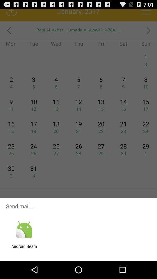  Describe the element at coordinates (24, 248) in the screenshot. I see `the android beam icon` at that location.